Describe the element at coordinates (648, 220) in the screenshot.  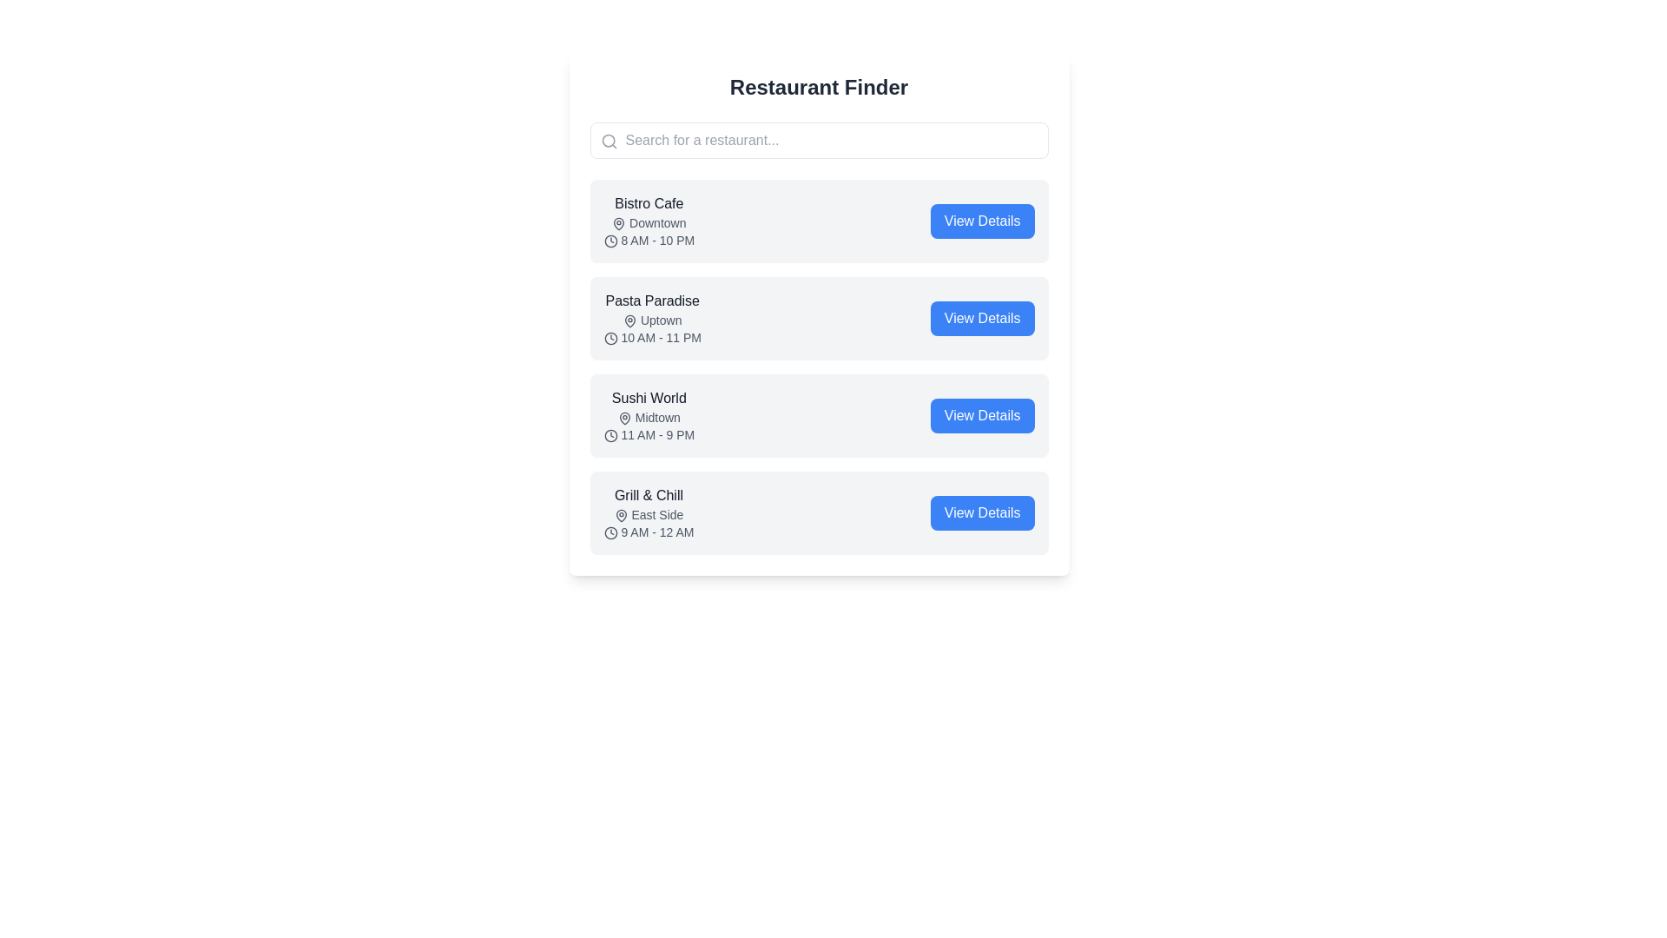
I see `the informational label displaying 'Bistro Cafe' with a map pin icon and a clock icon, which is the first entry in the restaurant list` at that location.